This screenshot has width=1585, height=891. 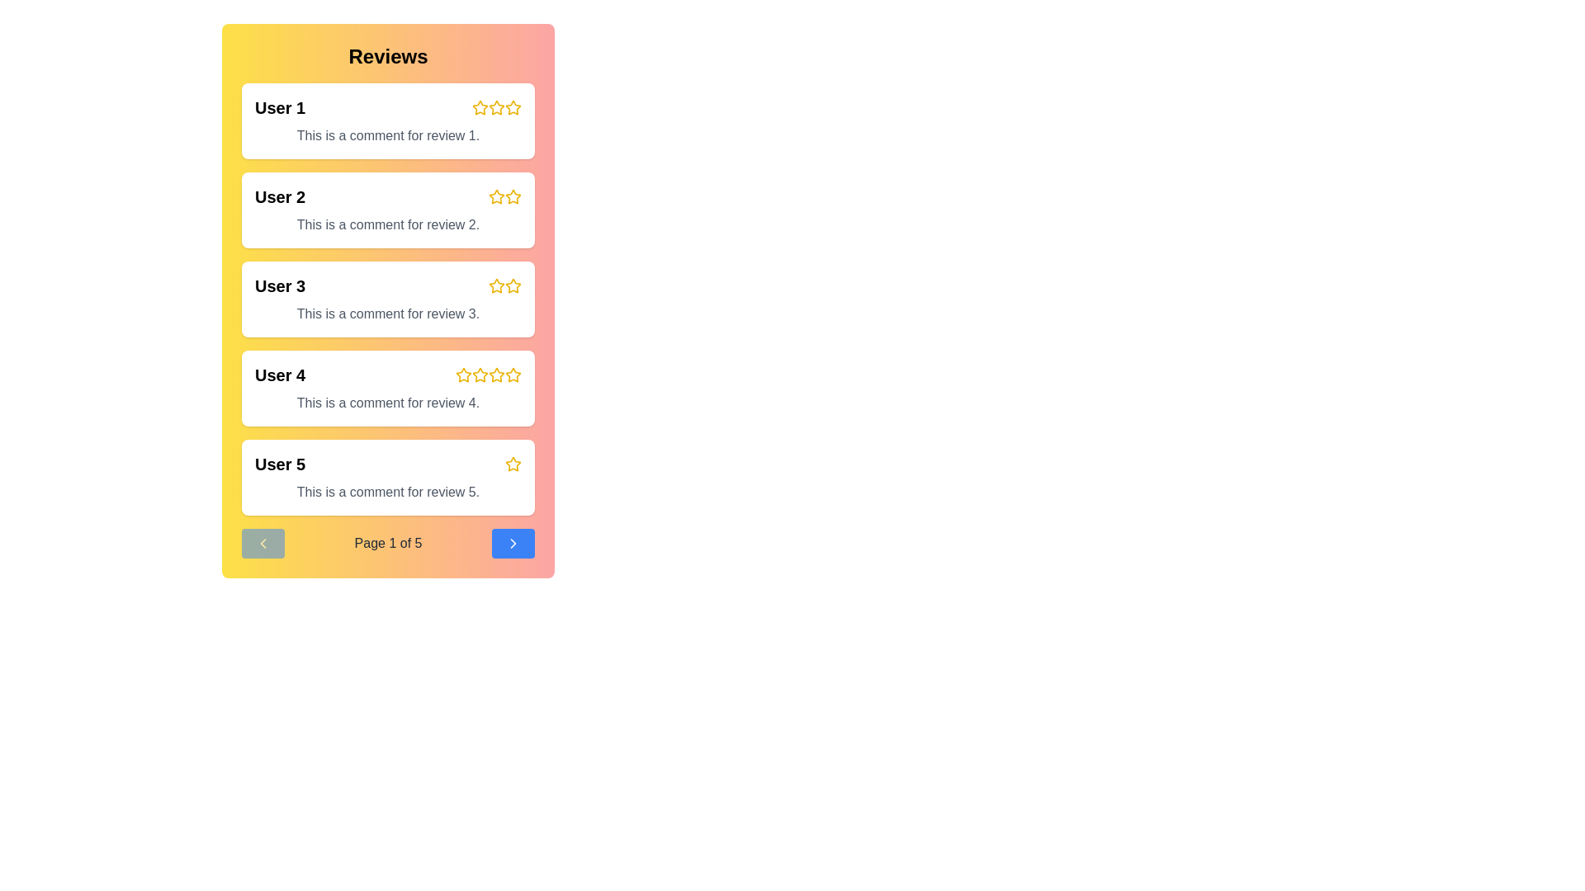 What do you see at coordinates (280, 464) in the screenshot?
I see `the text label that identifies the user's review section, located at the lower part of the page, associated with other elements like a star icon` at bounding box center [280, 464].